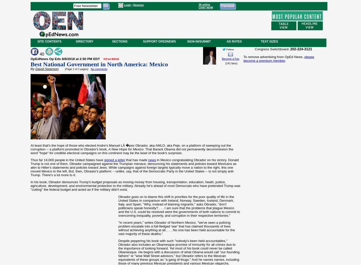 The height and width of the screenshot is (265, 361). I want to click on '(141 fans)', so click(230, 63).